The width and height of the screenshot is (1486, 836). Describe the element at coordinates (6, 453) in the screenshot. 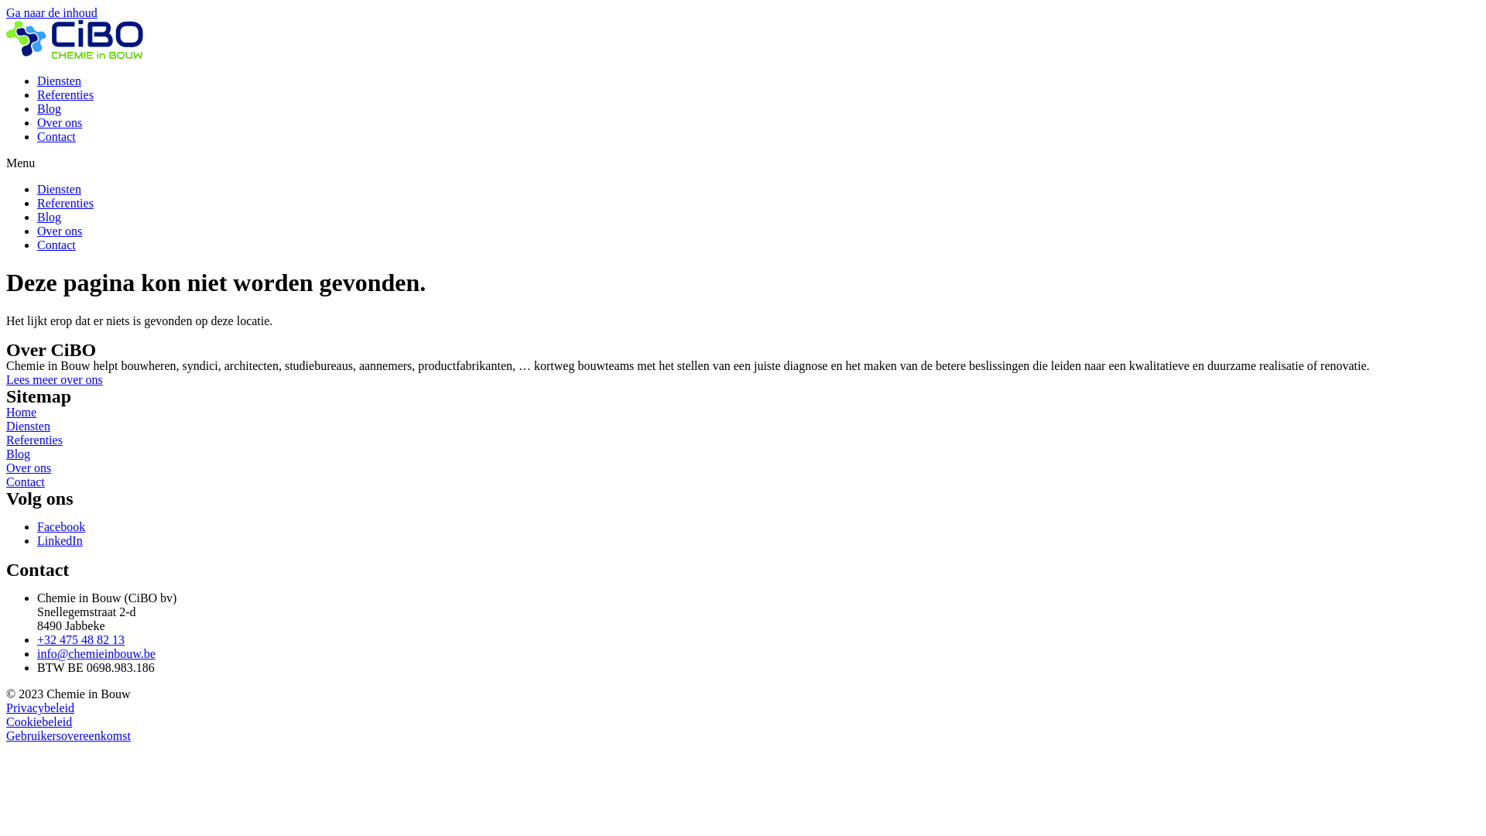

I see `'Blog'` at that location.